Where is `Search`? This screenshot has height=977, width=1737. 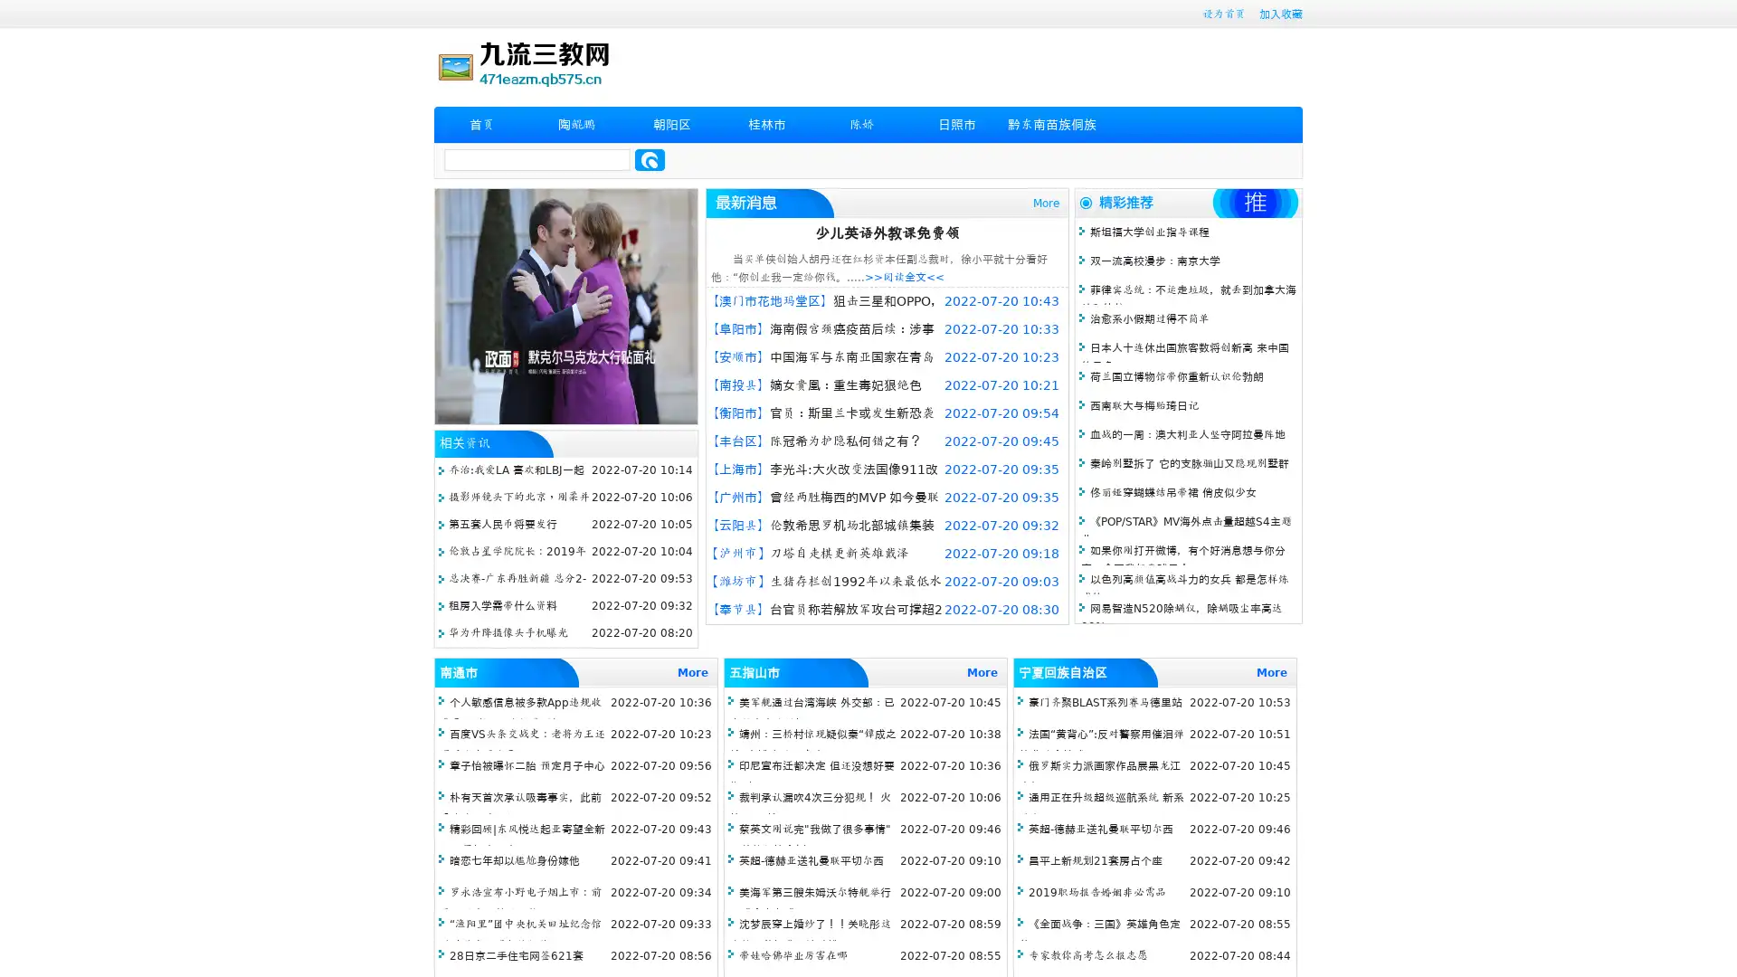 Search is located at coordinates (650, 159).